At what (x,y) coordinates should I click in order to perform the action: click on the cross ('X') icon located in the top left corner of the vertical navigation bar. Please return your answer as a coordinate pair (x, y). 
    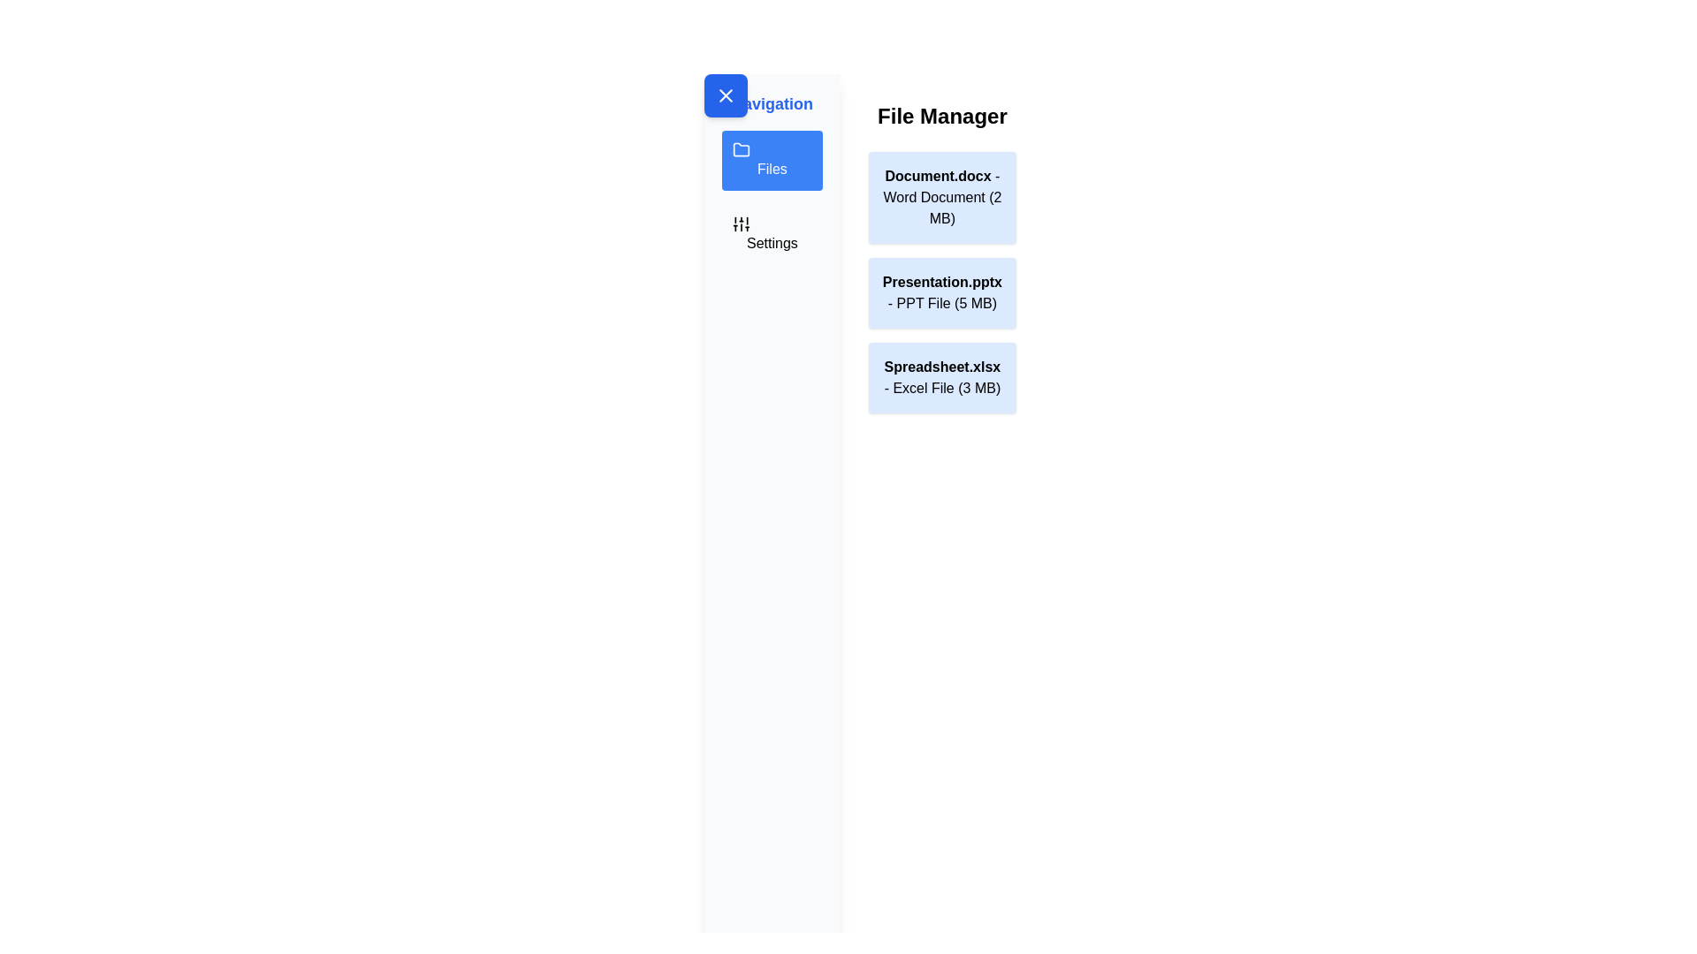
    Looking at the image, I should click on (726, 95).